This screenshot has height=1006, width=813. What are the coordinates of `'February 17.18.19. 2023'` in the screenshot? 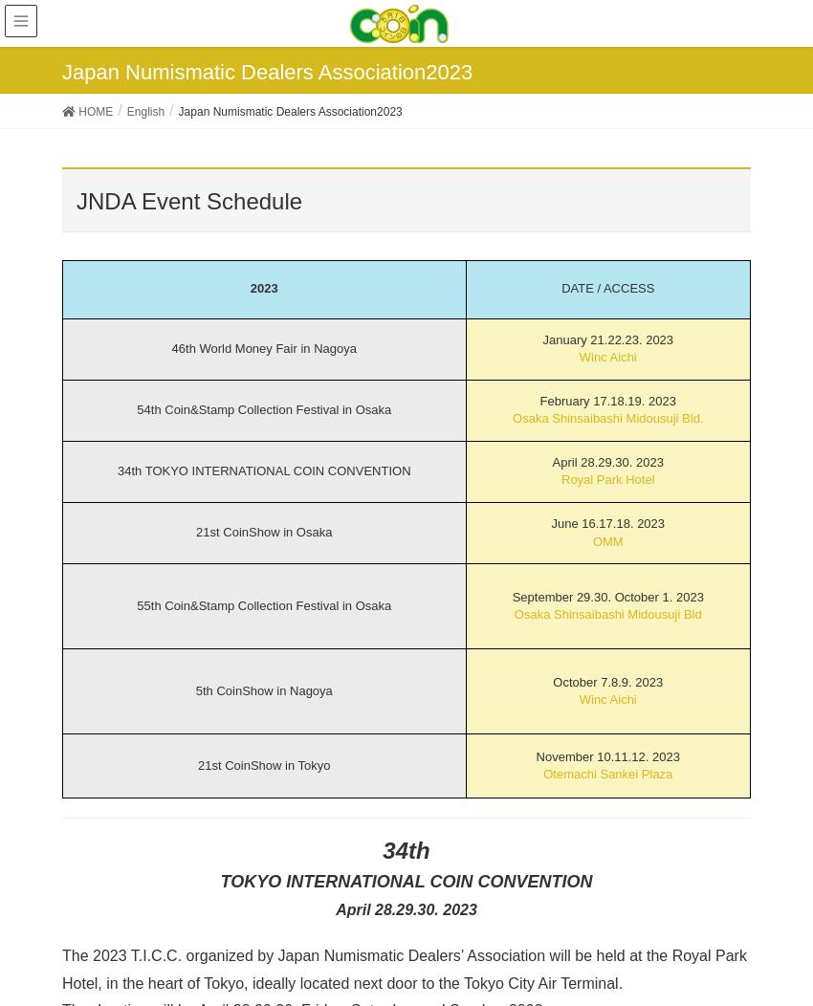 It's located at (606, 399).